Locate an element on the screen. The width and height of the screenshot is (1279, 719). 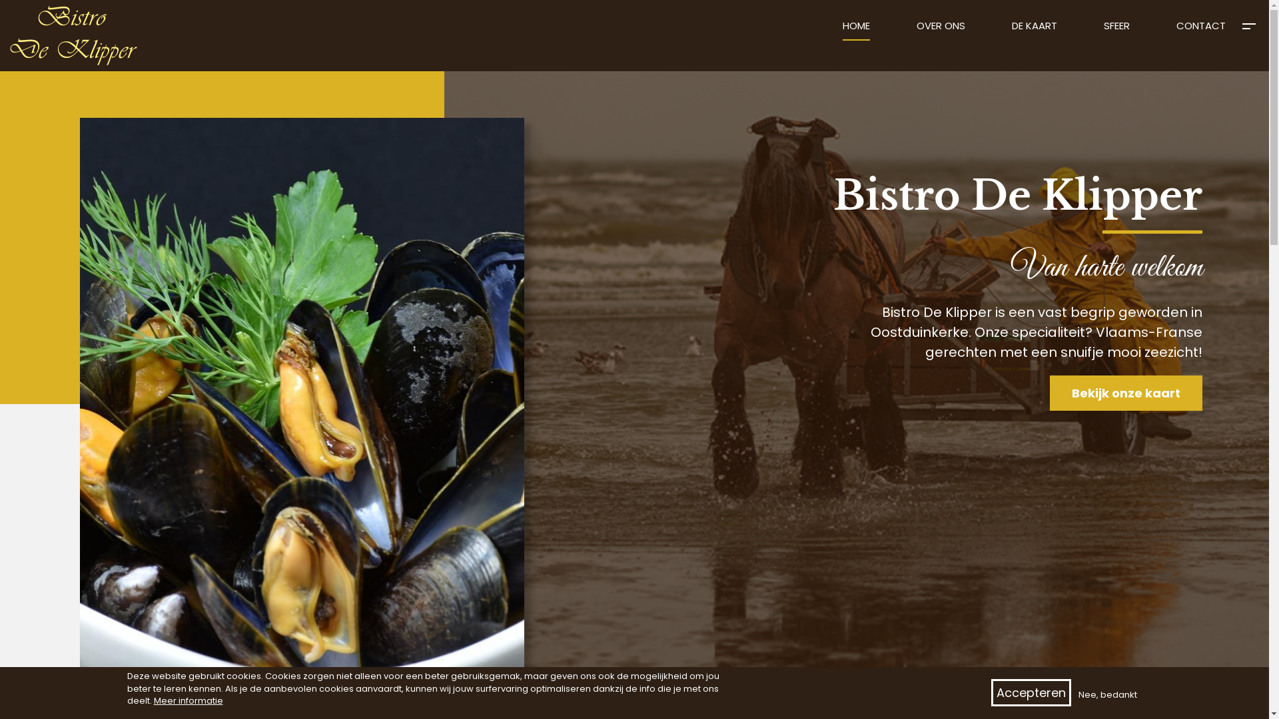
'SFEER' is located at coordinates (1116, 30).